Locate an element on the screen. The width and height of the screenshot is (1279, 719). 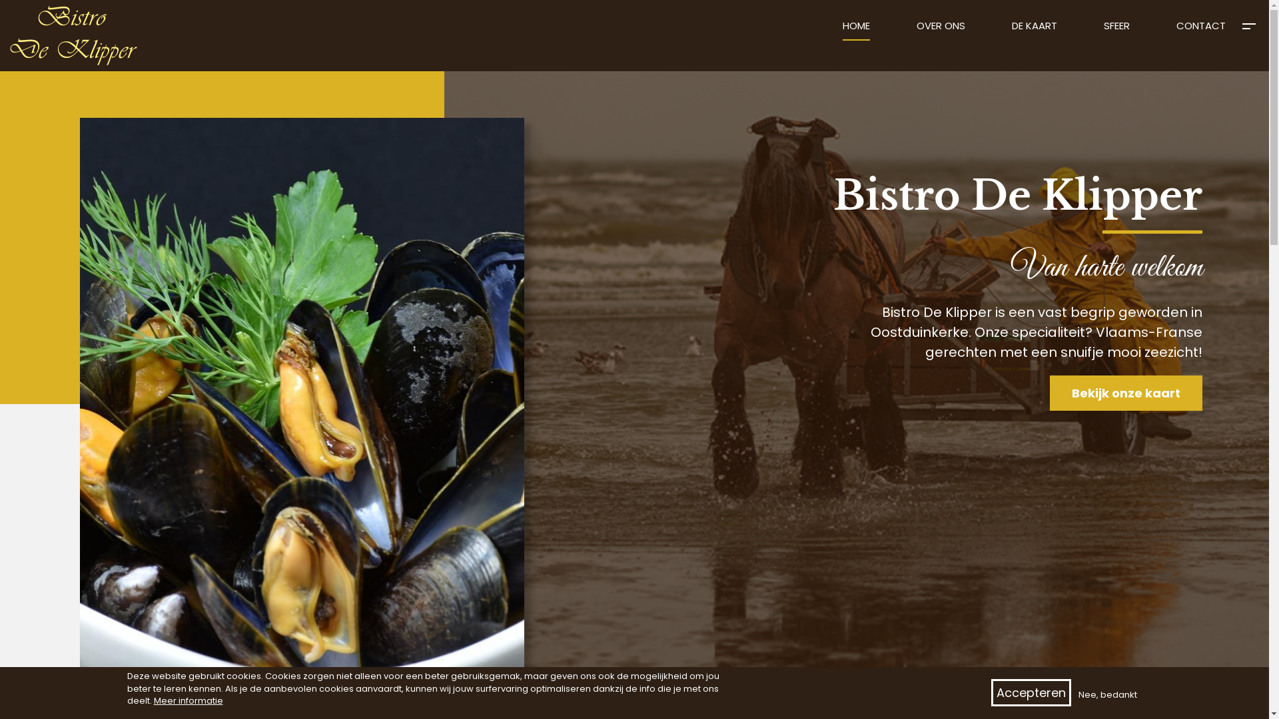
'SFEER' is located at coordinates (1116, 30).